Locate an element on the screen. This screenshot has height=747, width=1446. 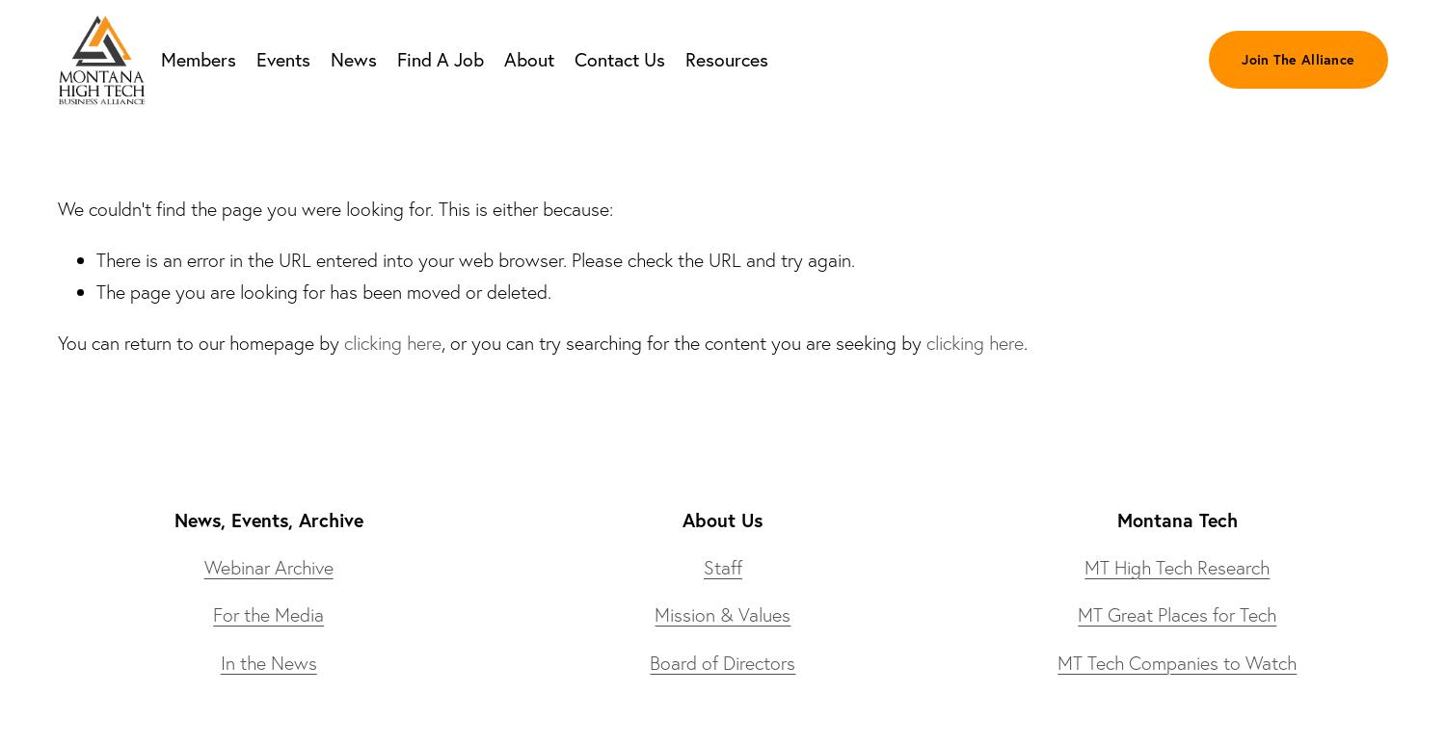
'News, Events, Archive' is located at coordinates (267, 519).